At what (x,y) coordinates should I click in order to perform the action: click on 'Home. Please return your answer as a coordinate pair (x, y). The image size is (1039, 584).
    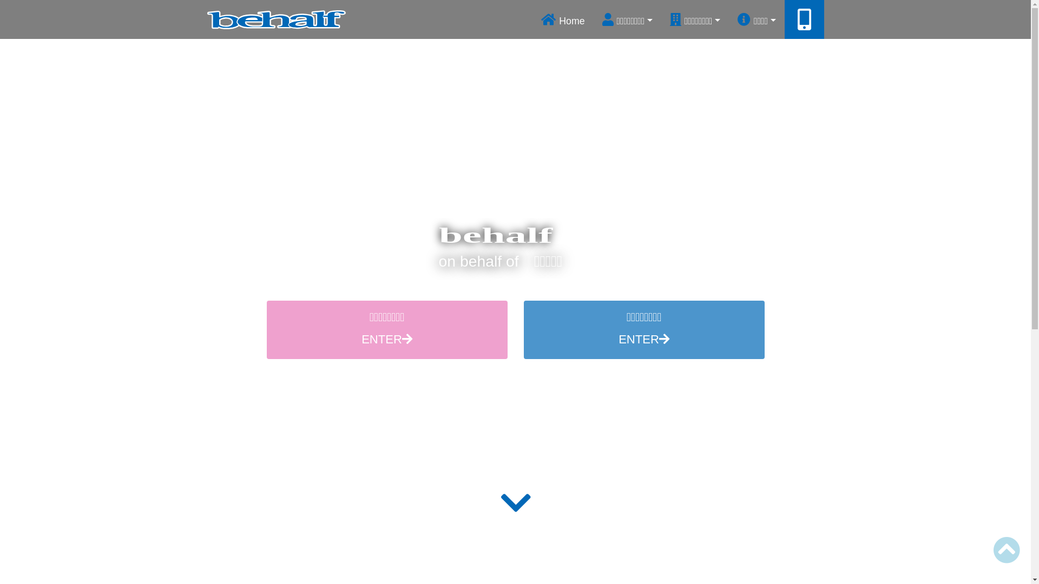
    Looking at the image, I should click on (563, 19).